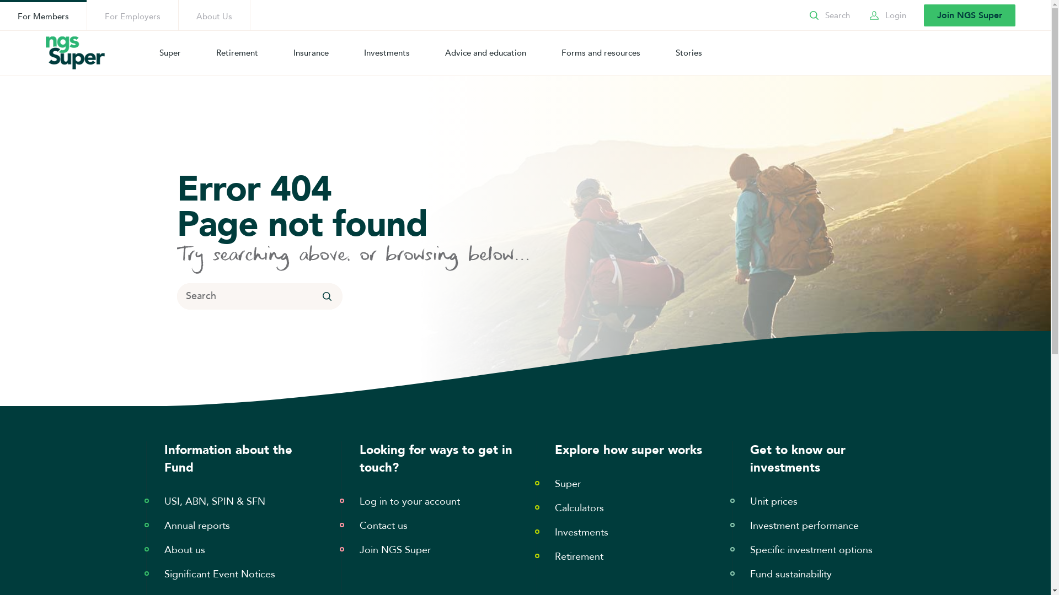 The image size is (1059, 595). Describe the element at coordinates (163, 501) in the screenshot. I see `'USI, ABN, SPIN & SFN'` at that location.